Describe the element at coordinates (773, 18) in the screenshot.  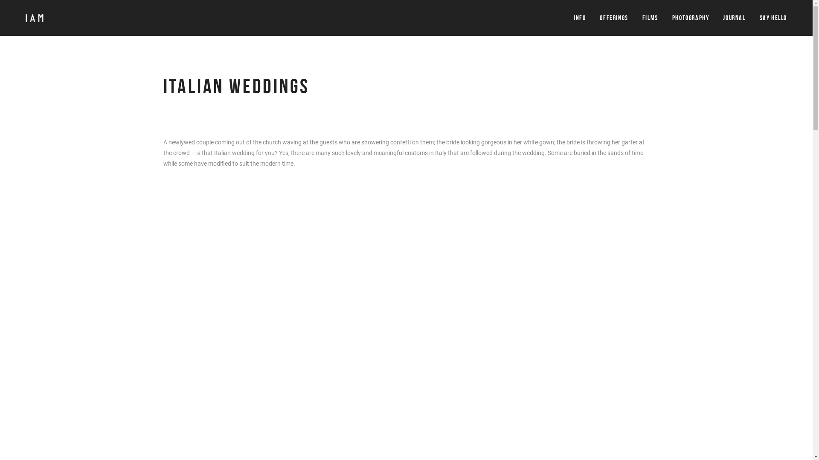
I see `'SAY HELLO'` at that location.